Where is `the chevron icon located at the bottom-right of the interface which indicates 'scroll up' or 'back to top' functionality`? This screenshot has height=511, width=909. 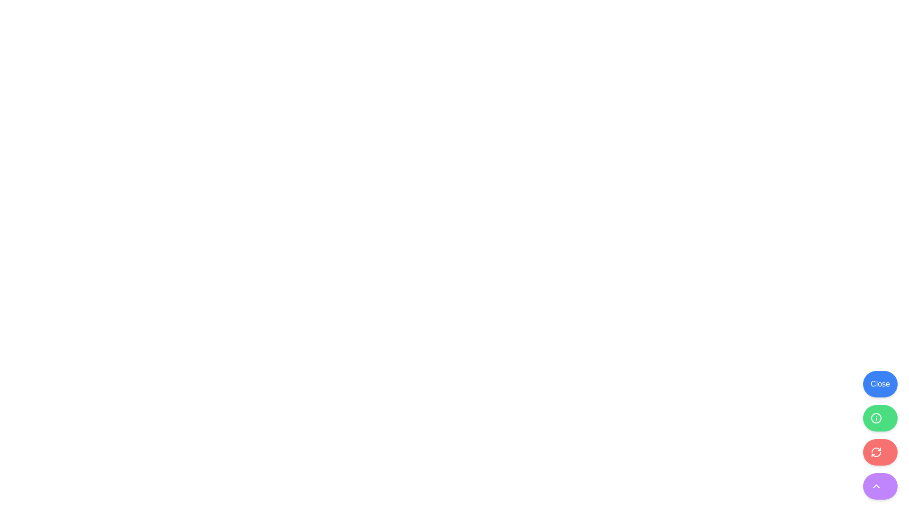
the chevron icon located at the bottom-right of the interface which indicates 'scroll up' or 'back to top' functionality is located at coordinates (876, 486).